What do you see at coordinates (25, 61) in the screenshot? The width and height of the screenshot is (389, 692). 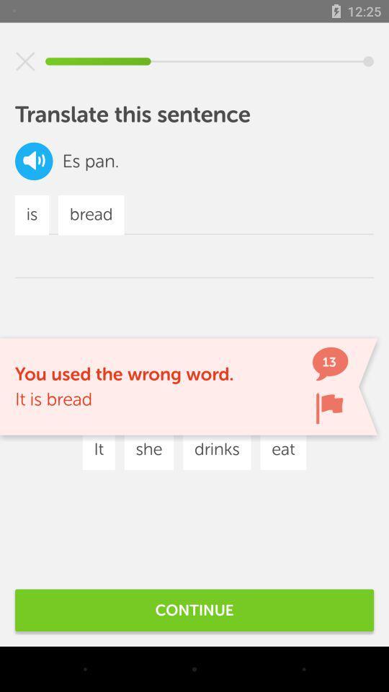 I see `mute volume` at bounding box center [25, 61].